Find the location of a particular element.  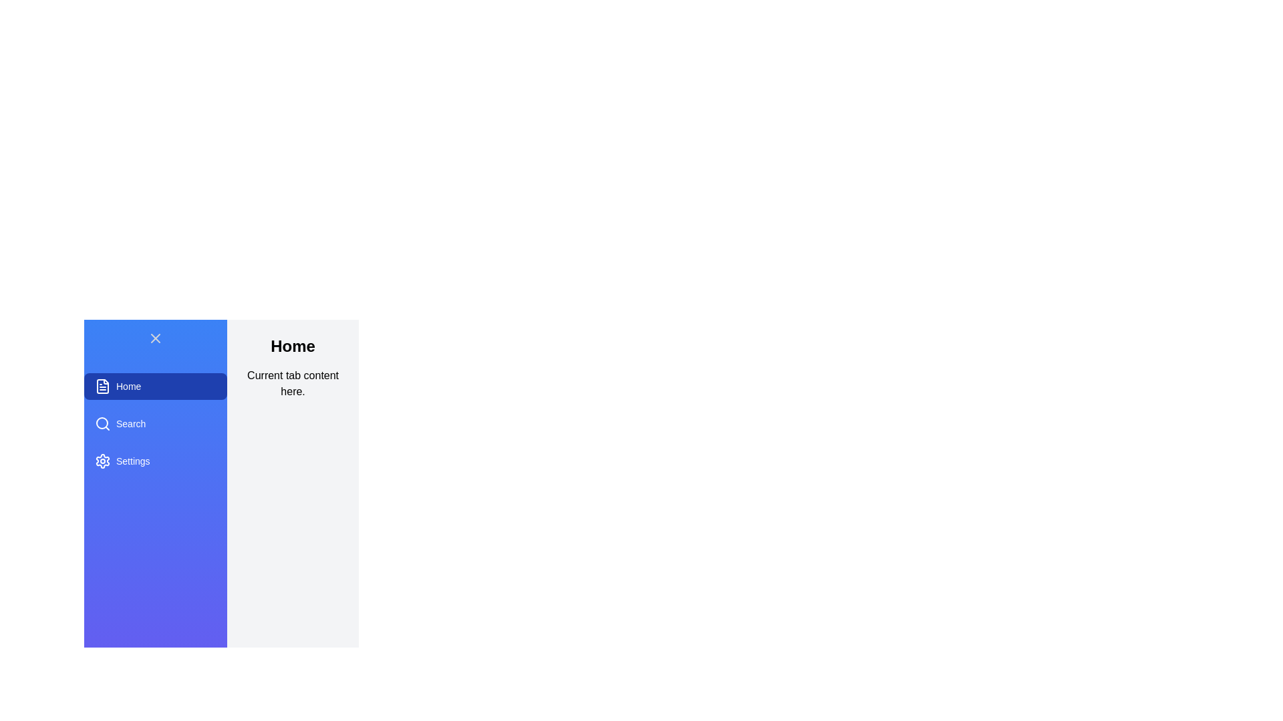

the tab labeled Search to observe the hover effect is located at coordinates (156, 424).